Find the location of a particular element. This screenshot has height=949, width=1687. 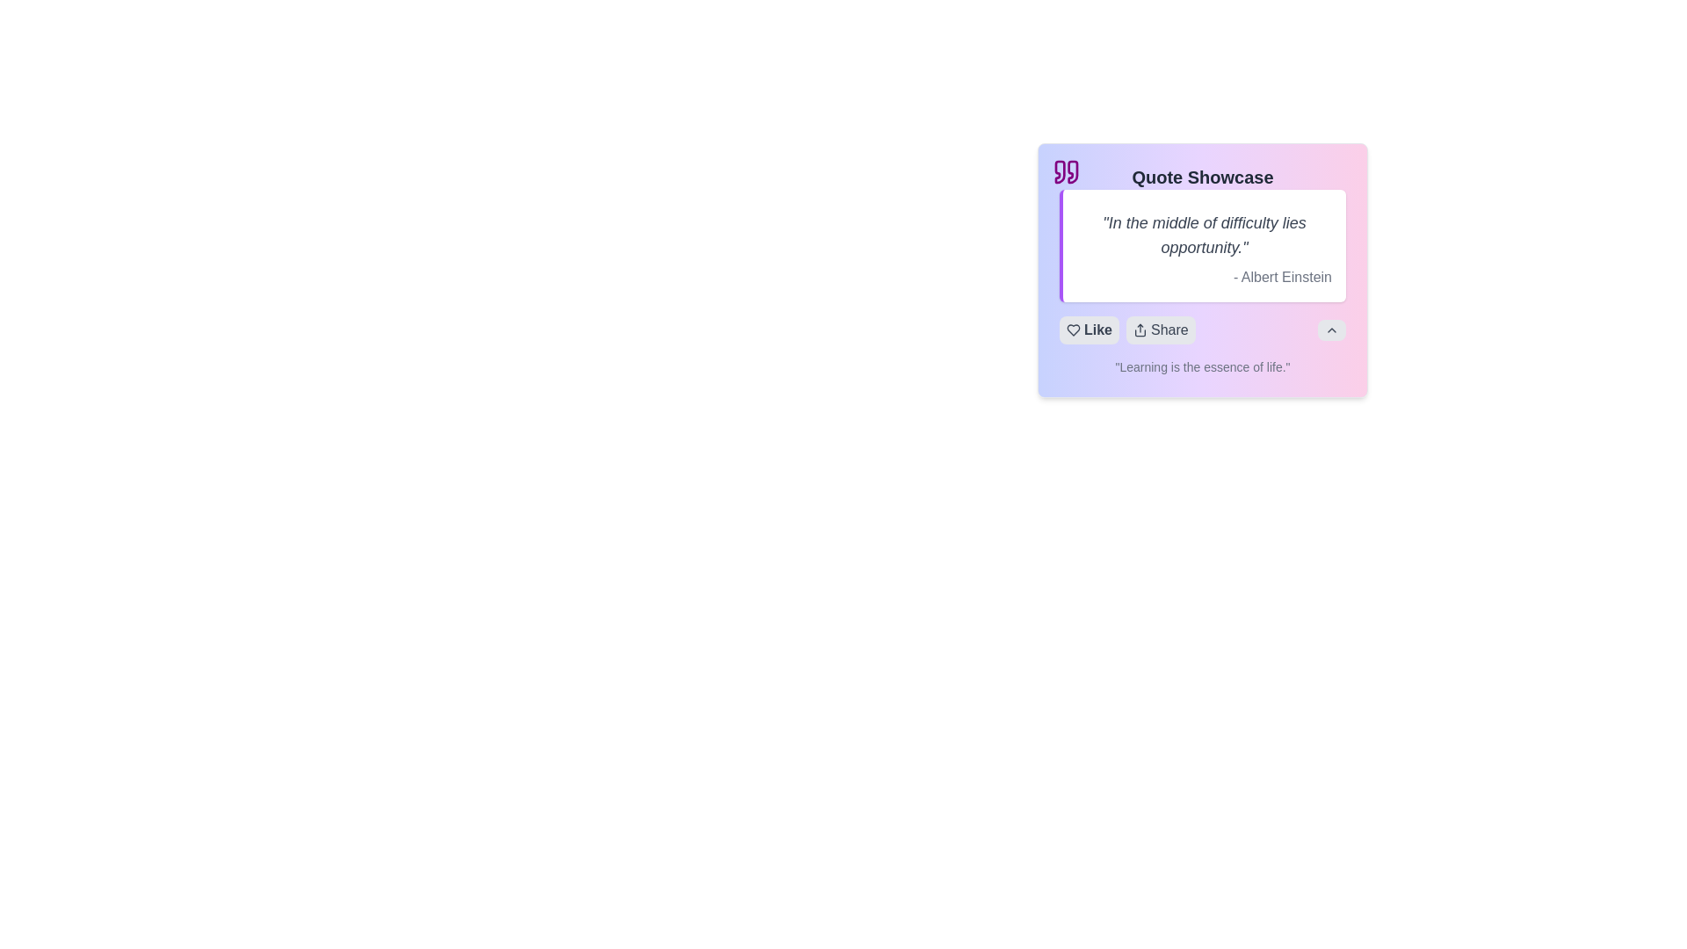

the small, square-like button with rounded corners featuring an upward chevron icon is located at coordinates (1332, 330).